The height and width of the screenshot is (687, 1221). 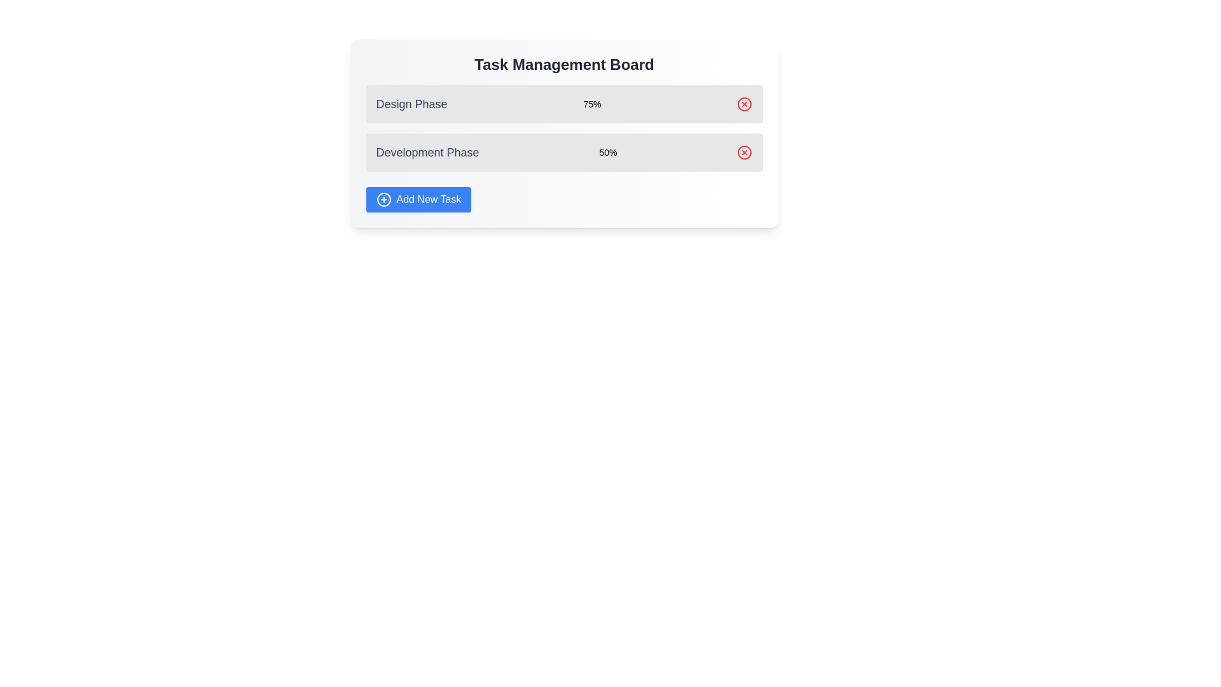 I want to click on the text label displaying '75%' in plain black text, located to the right of the 'Design Phase' title and before the red circular button, so click(x=591, y=104).